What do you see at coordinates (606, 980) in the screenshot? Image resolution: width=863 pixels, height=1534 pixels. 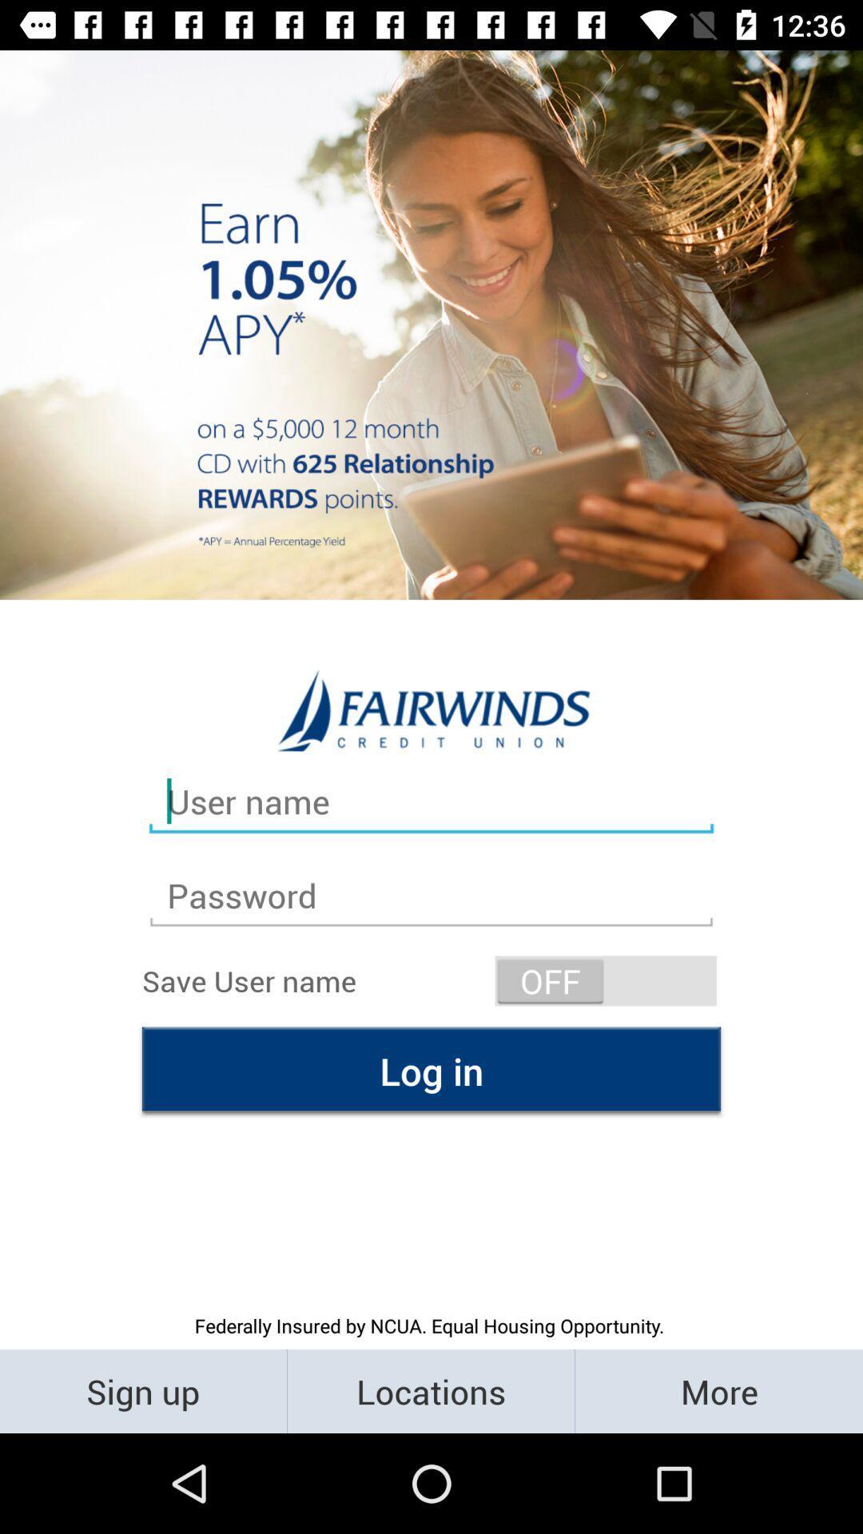 I see `the switch button off` at bounding box center [606, 980].